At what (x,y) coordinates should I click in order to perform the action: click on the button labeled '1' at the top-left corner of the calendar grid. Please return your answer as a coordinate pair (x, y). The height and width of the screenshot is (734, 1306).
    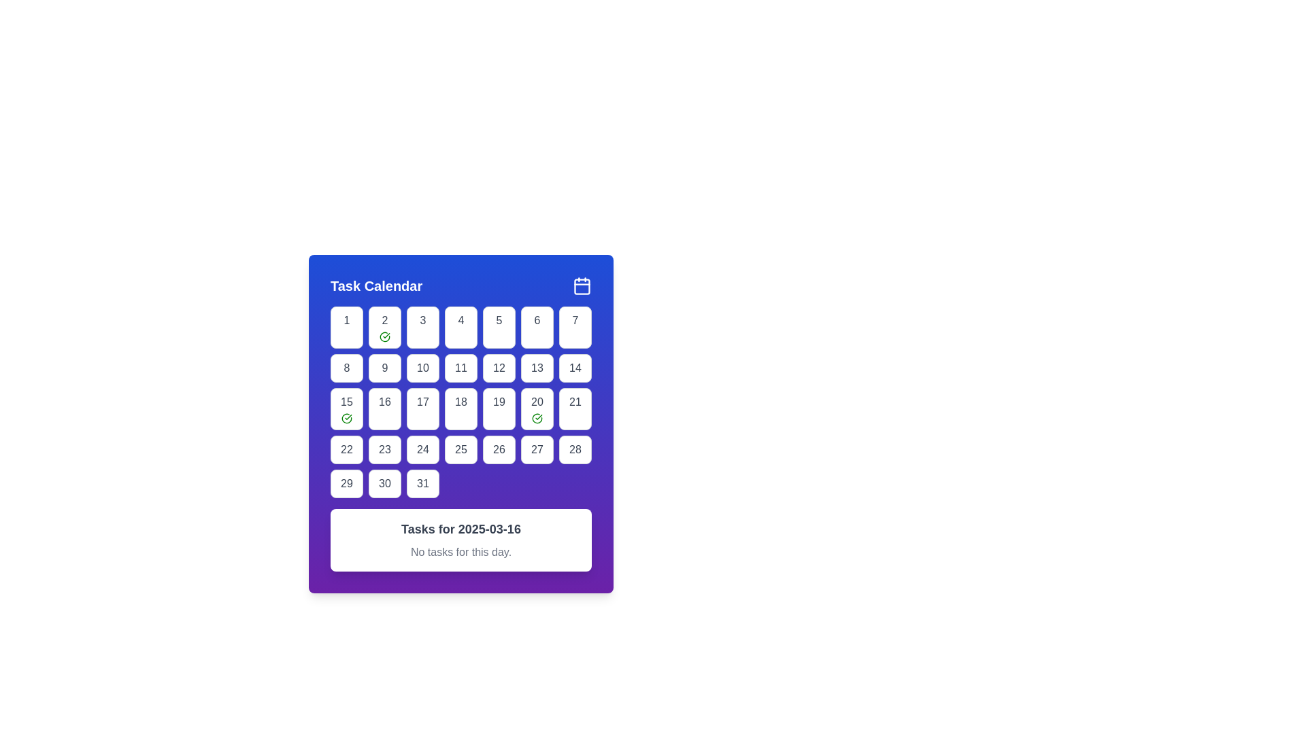
    Looking at the image, I should click on (346, 328).